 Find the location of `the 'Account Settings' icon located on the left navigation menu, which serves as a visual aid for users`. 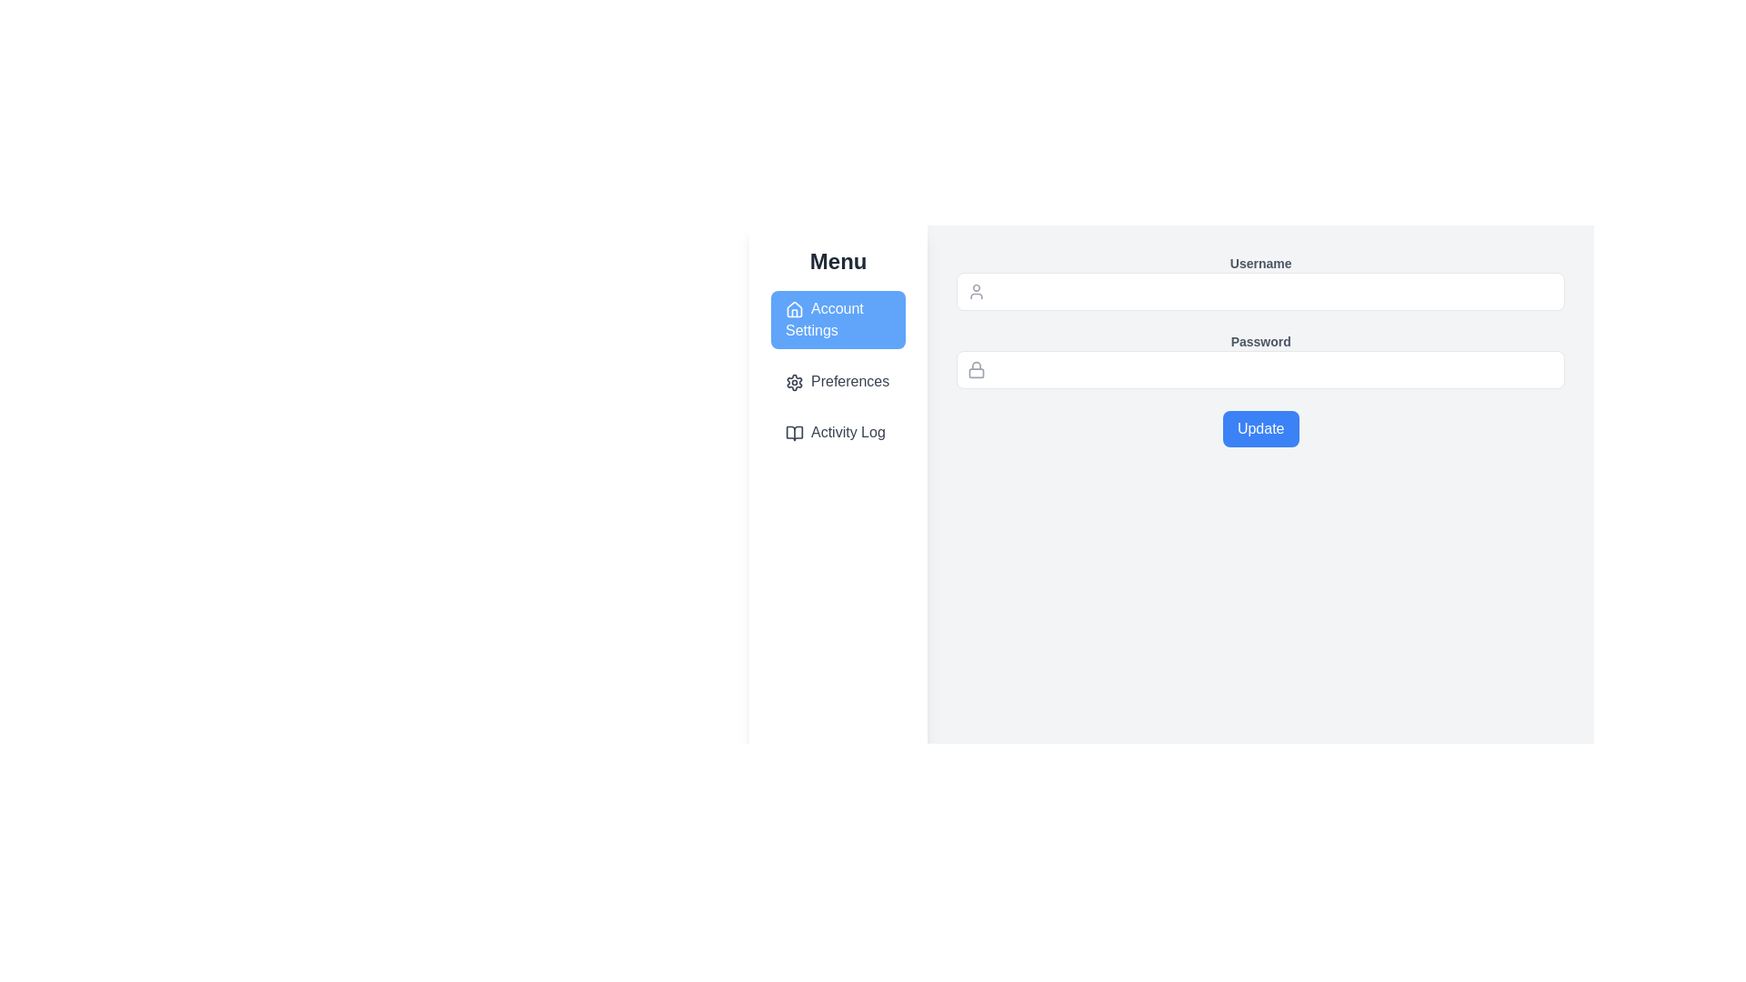

the 'Account Settings' icon located on the left navigation menu, which serves as a visual aid for users is located at coordinates (794, 307).